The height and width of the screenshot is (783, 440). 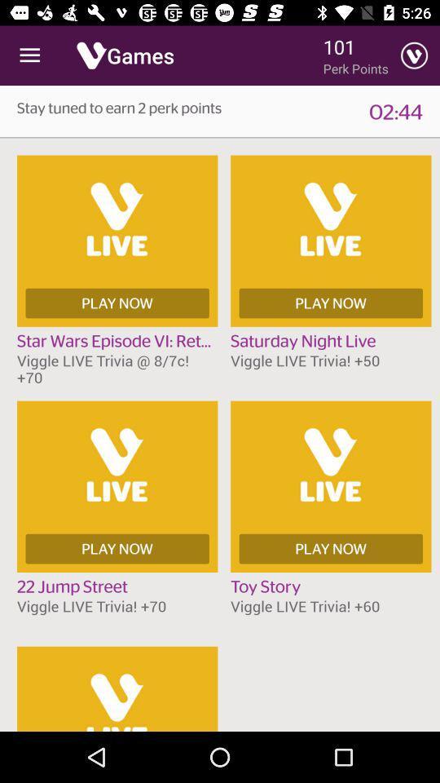 What do you see at coordinates (414, 55) in the screenshot?
I see `item next to perk points icon` at bounding box center [414, 55].